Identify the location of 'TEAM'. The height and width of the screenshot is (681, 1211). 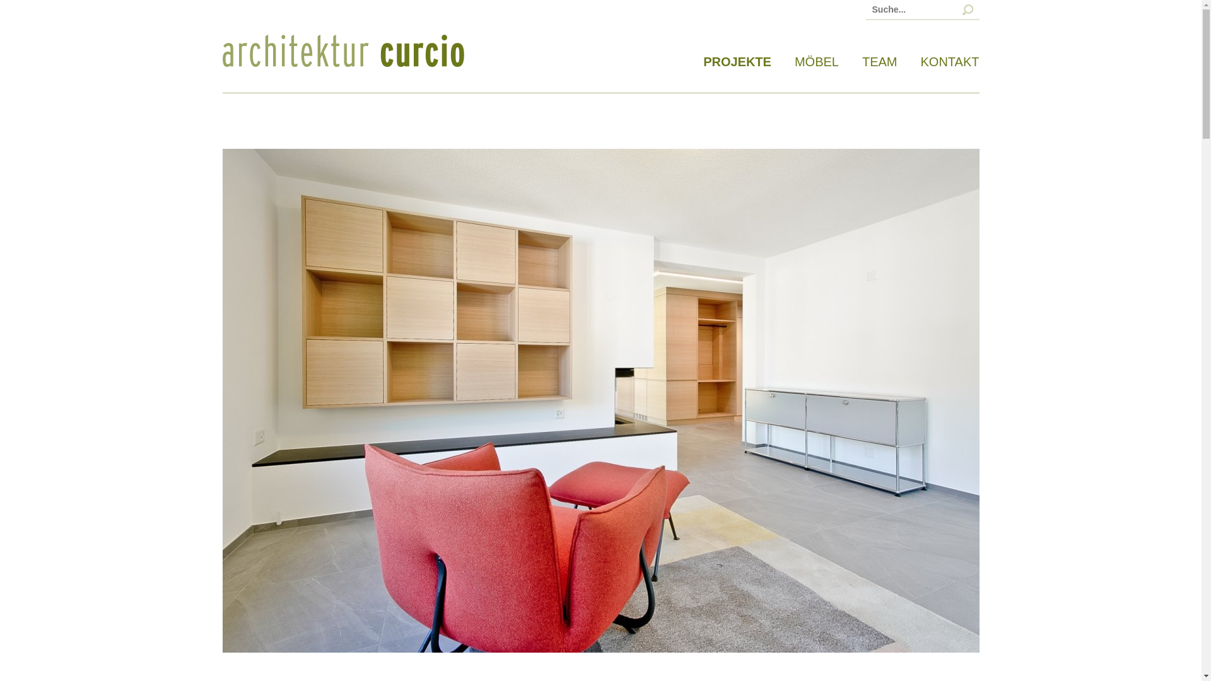
(879, 61).